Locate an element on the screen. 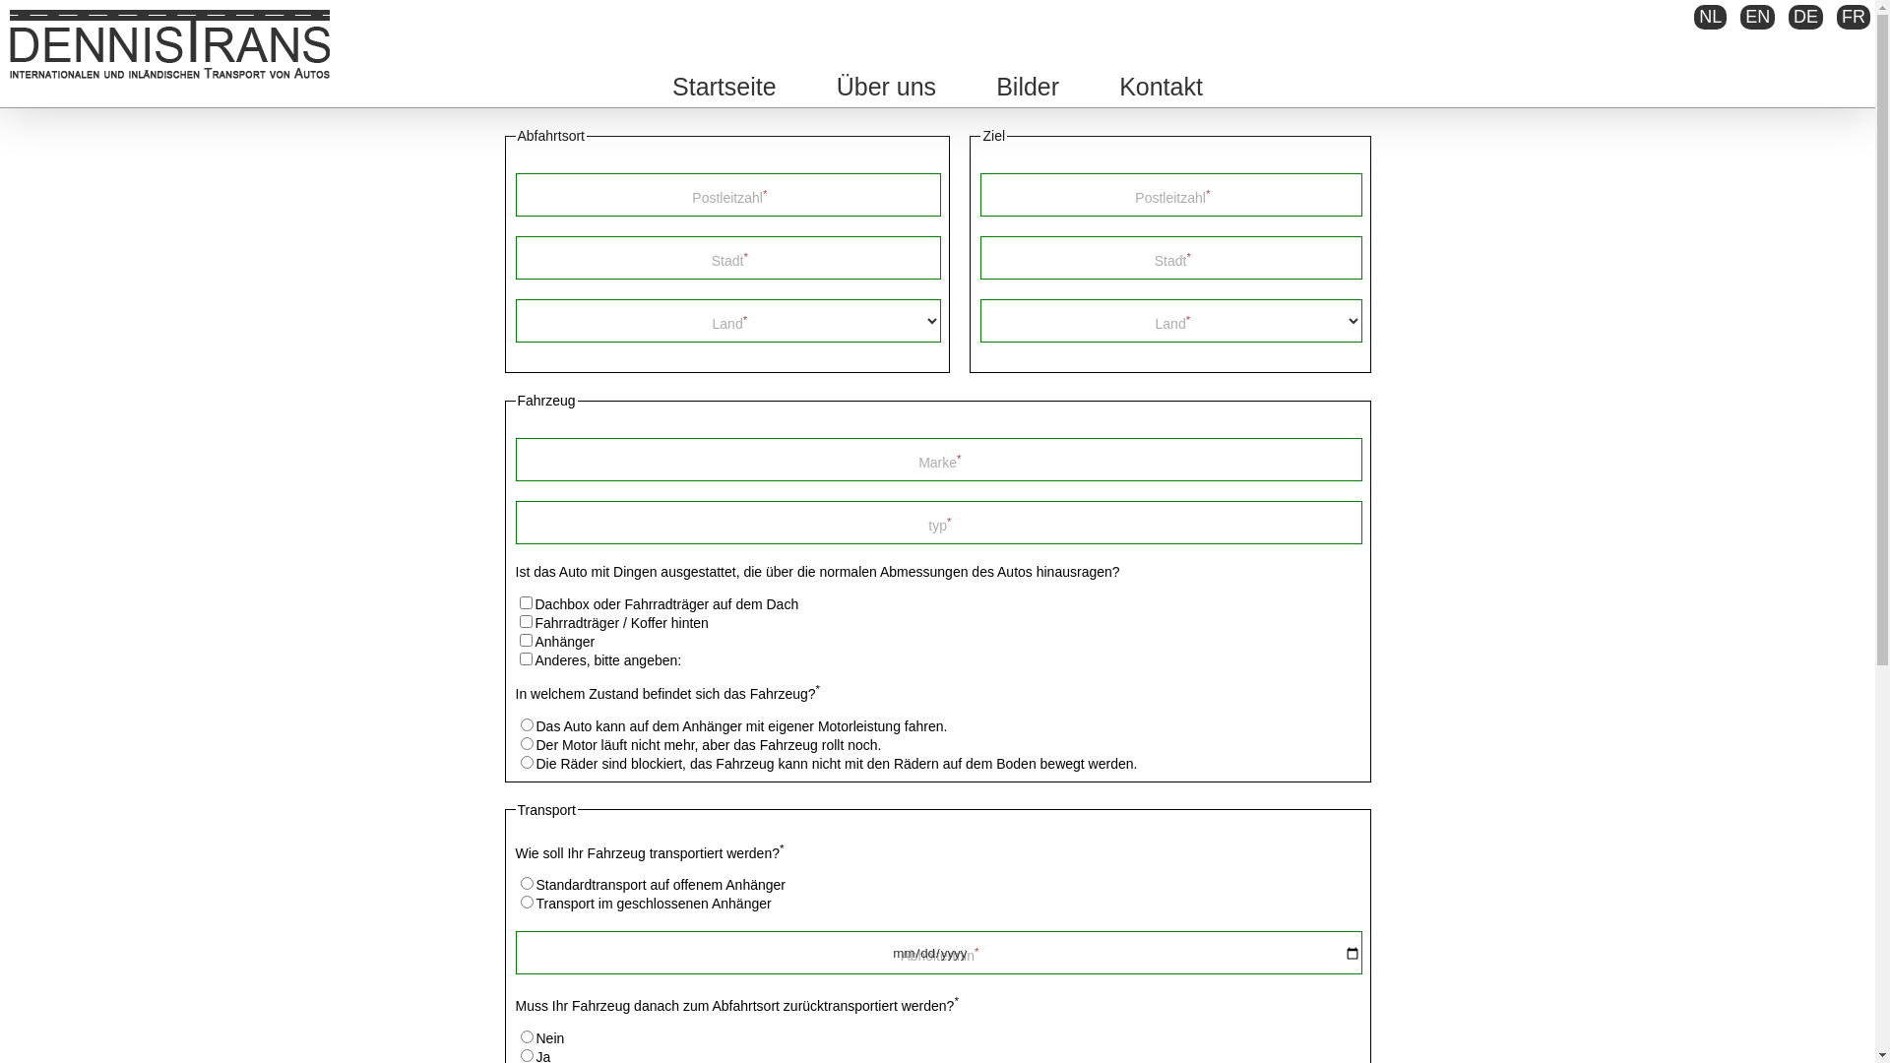  'Startseite' is located at coordinates (723, 86).